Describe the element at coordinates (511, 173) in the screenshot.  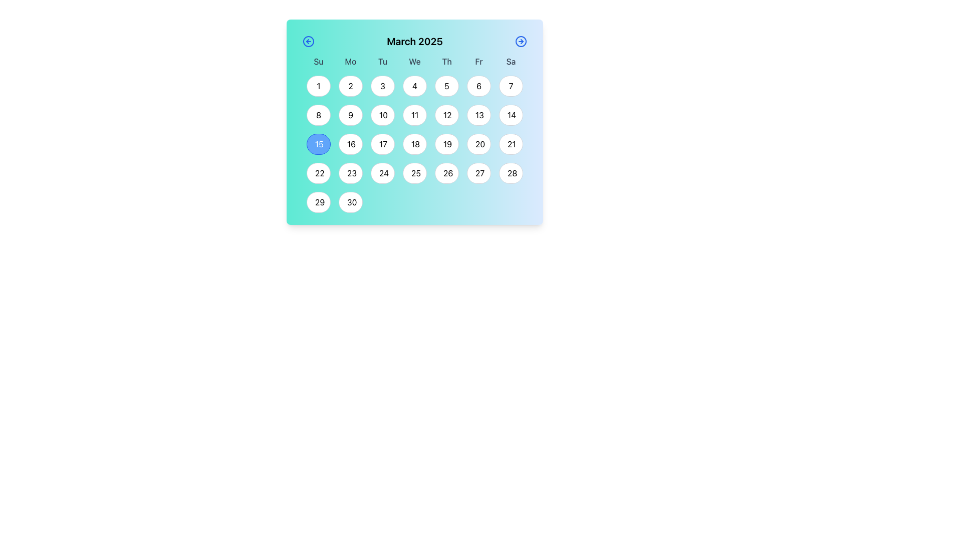
I see `the button representing the 28th day of the month in the calendar, located in the last row and seventh column, aligned with the 'Saturday' header` at that location.